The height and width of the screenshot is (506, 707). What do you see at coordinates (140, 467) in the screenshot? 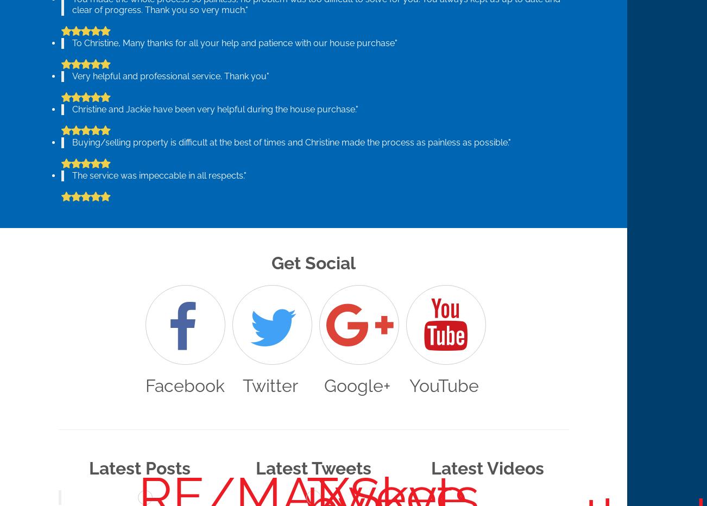
I see `'Latest Posts'` at bounding box center [140, 467].